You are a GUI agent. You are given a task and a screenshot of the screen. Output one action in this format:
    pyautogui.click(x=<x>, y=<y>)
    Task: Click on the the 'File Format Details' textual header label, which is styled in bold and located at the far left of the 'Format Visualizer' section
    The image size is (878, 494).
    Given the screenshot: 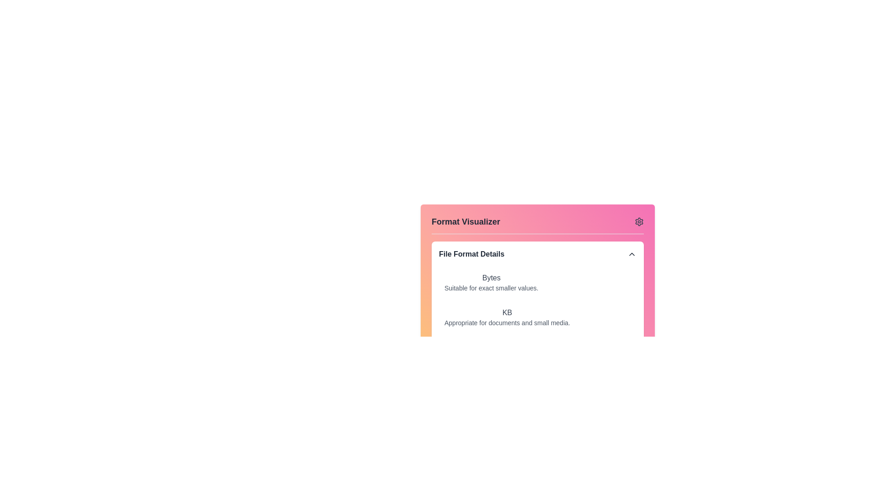 What is the action you would take?
    pyautogui.click(x=471, y=254)
    